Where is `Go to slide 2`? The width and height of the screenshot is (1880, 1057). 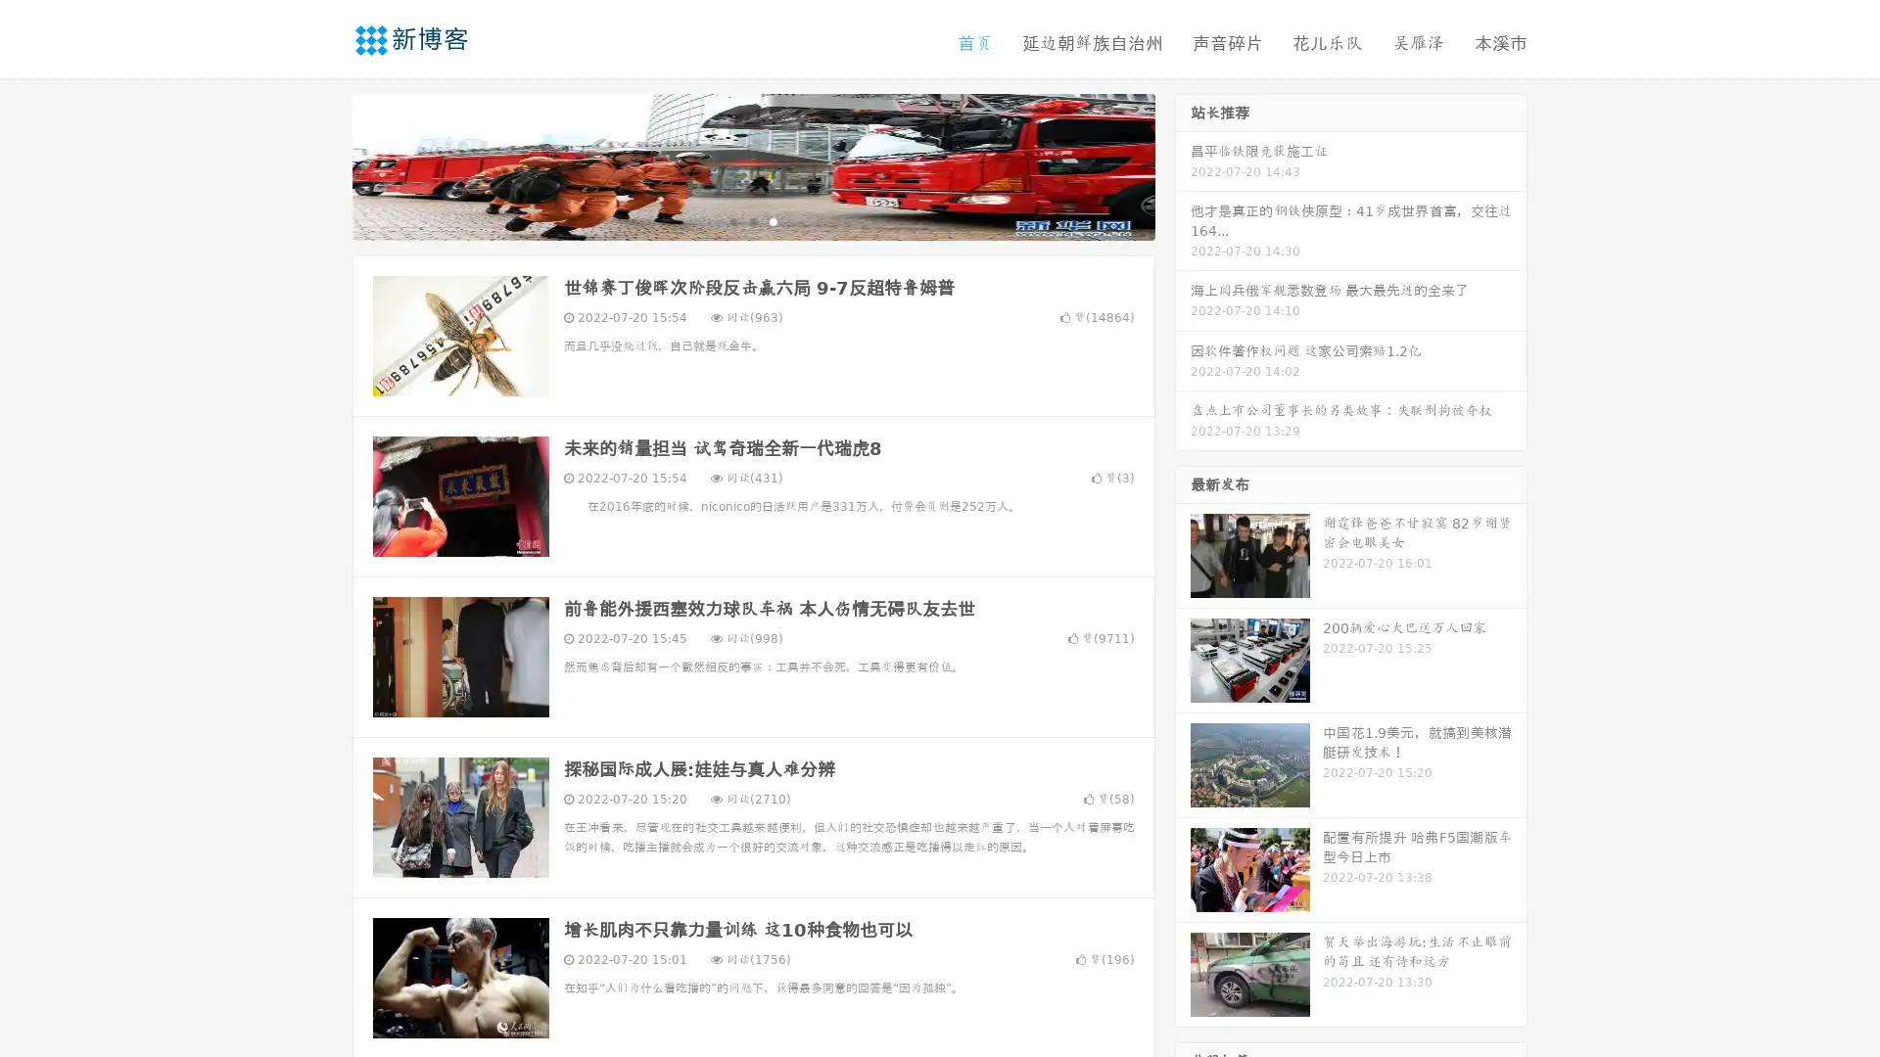
Go to slide 2 is located at coordinates (752, 220).